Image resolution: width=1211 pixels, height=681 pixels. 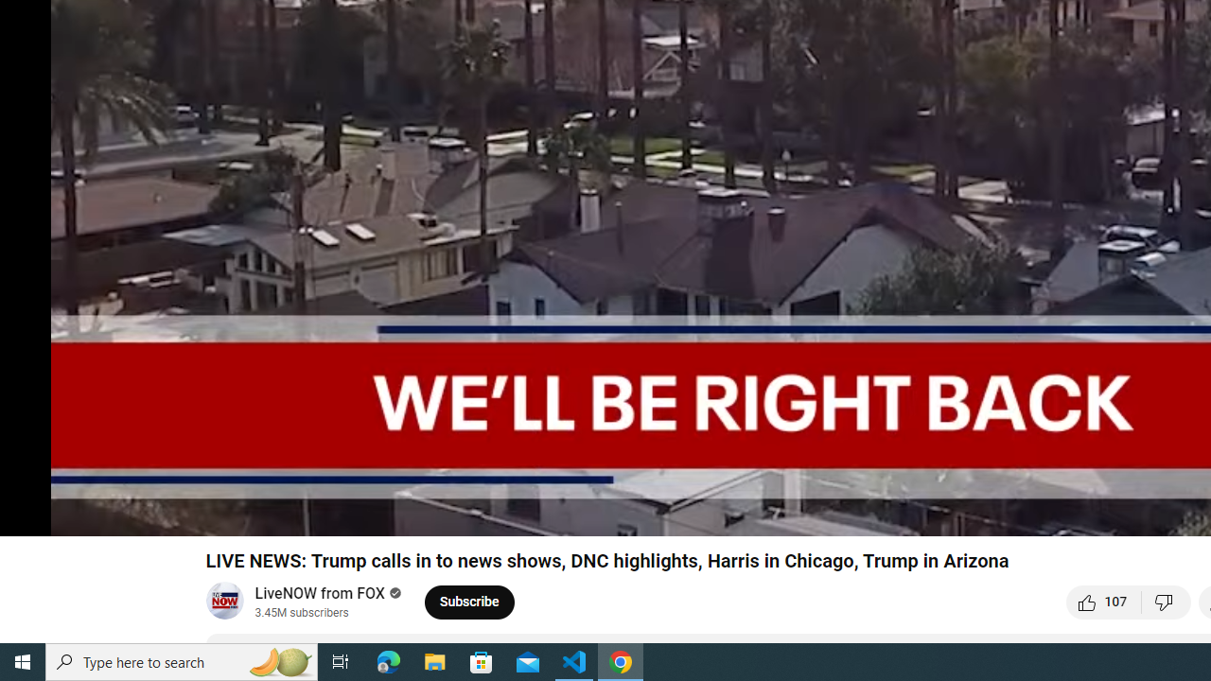 What do you see at coordinates (1166, 602) in the screenshot?
I see `'Dislike this video'` at bounding box center [1166, 602].